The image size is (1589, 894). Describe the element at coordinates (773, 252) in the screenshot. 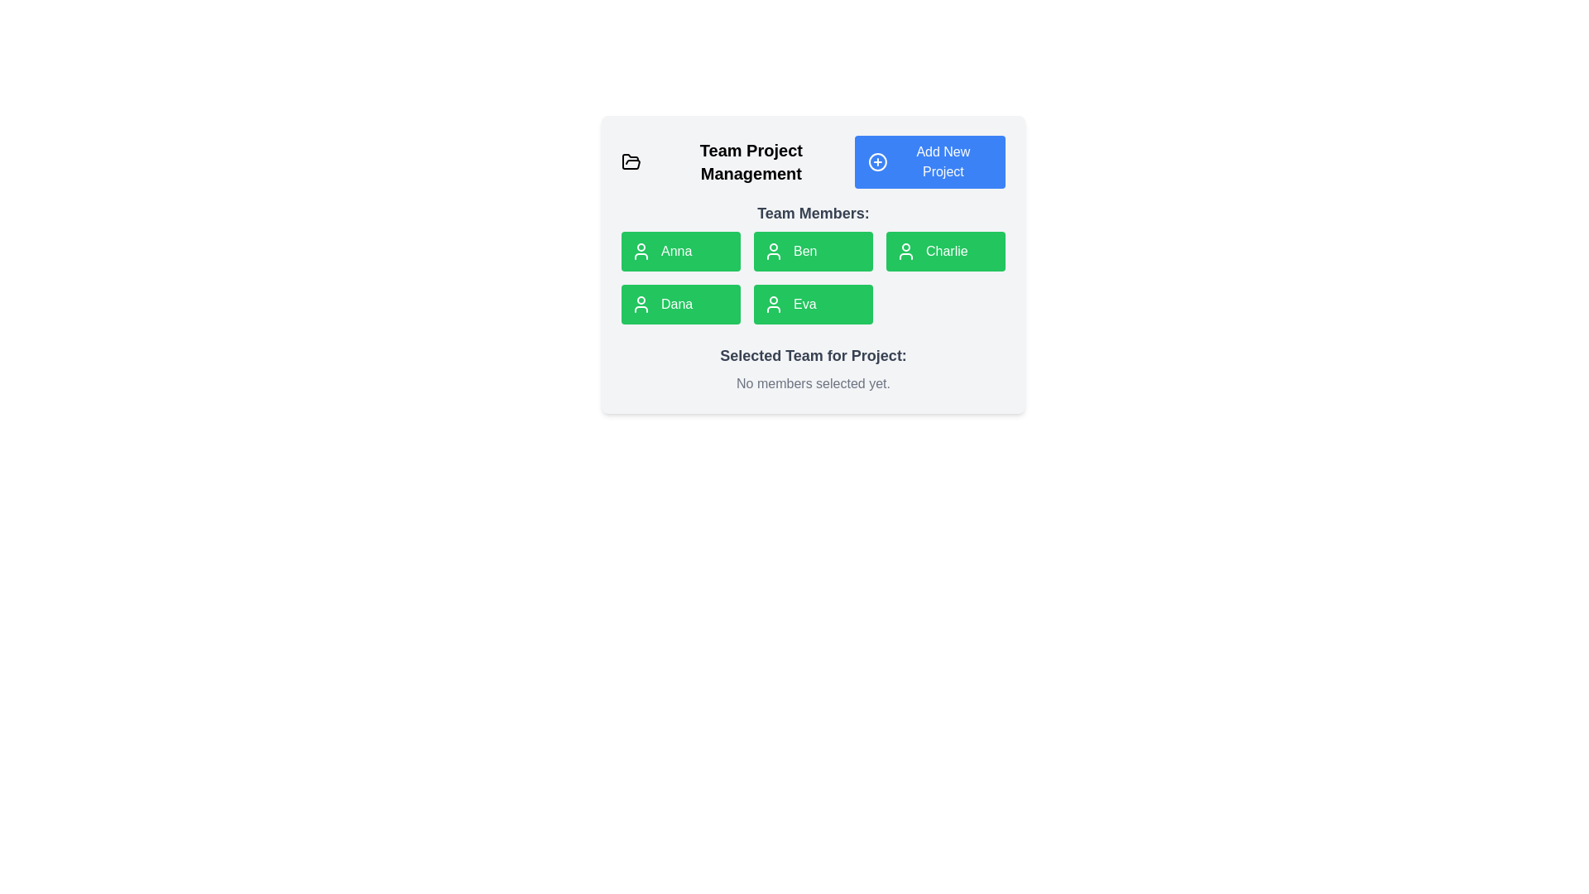

I see `the user icon labeled 'Ben' which is centrally positioned within the green button in the 'Team Members' section, specifically the second button in the top row` at that location.